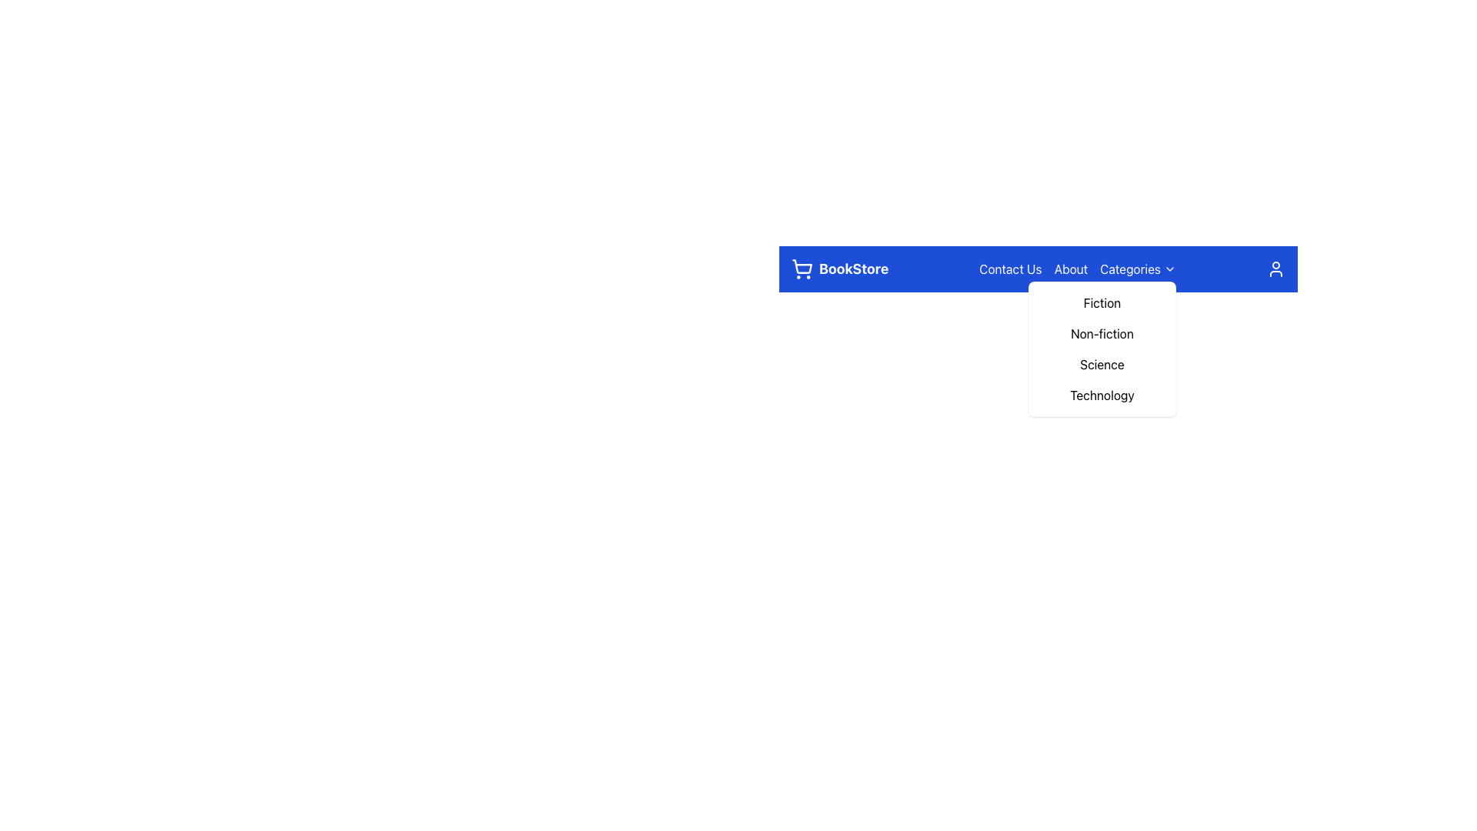 Image resolution: width=1477 pixels, height=831 pixels. Describe the element at coordinates (1010, 269) in the screenshot. I see `the 'Contact Us' text link located immediately to the right of the 'BookStore' logo` at that location.